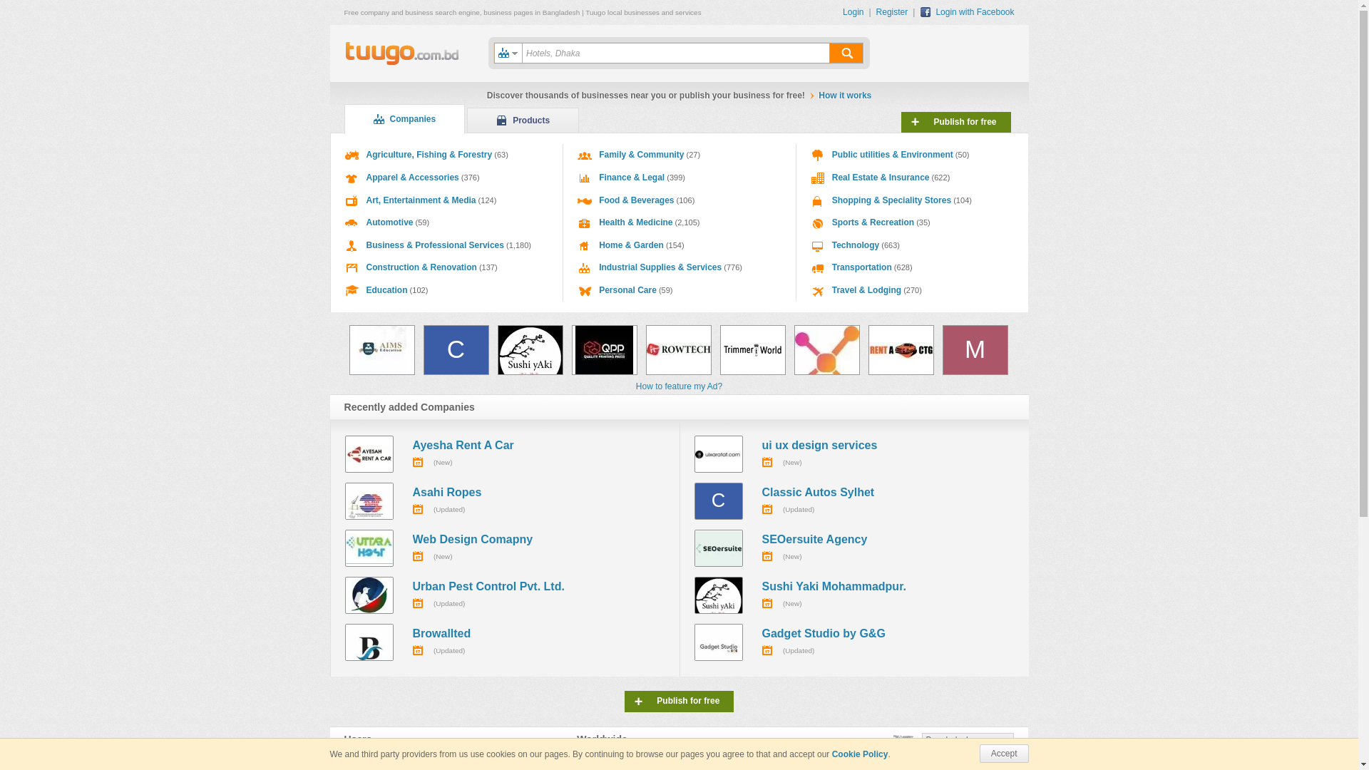  I want to click on 'Register', so click(875, 11).